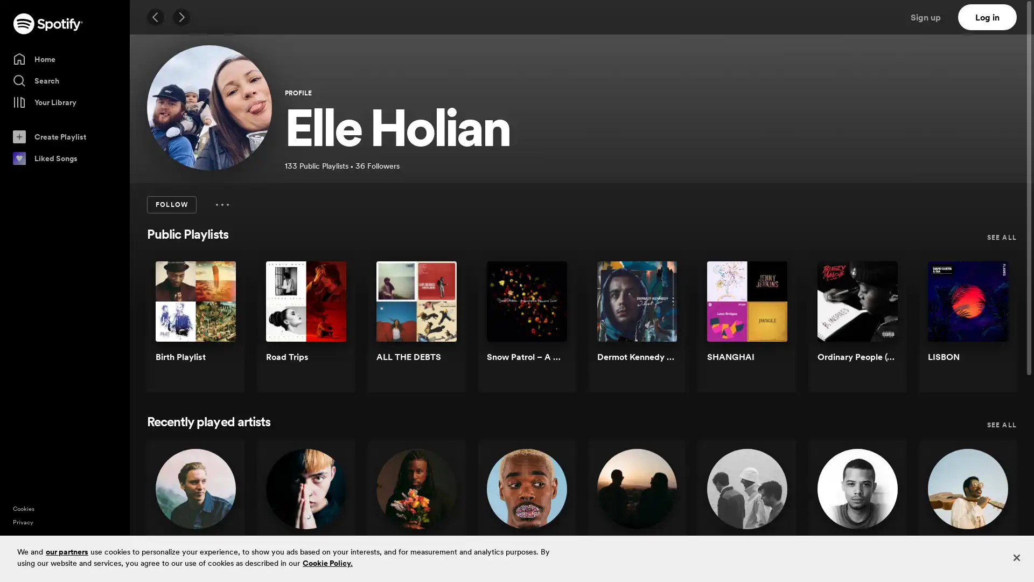  What do you see at coordinates (1016, 557) in the screenshot?
I see `Close` at bounding box center [1016, 557].